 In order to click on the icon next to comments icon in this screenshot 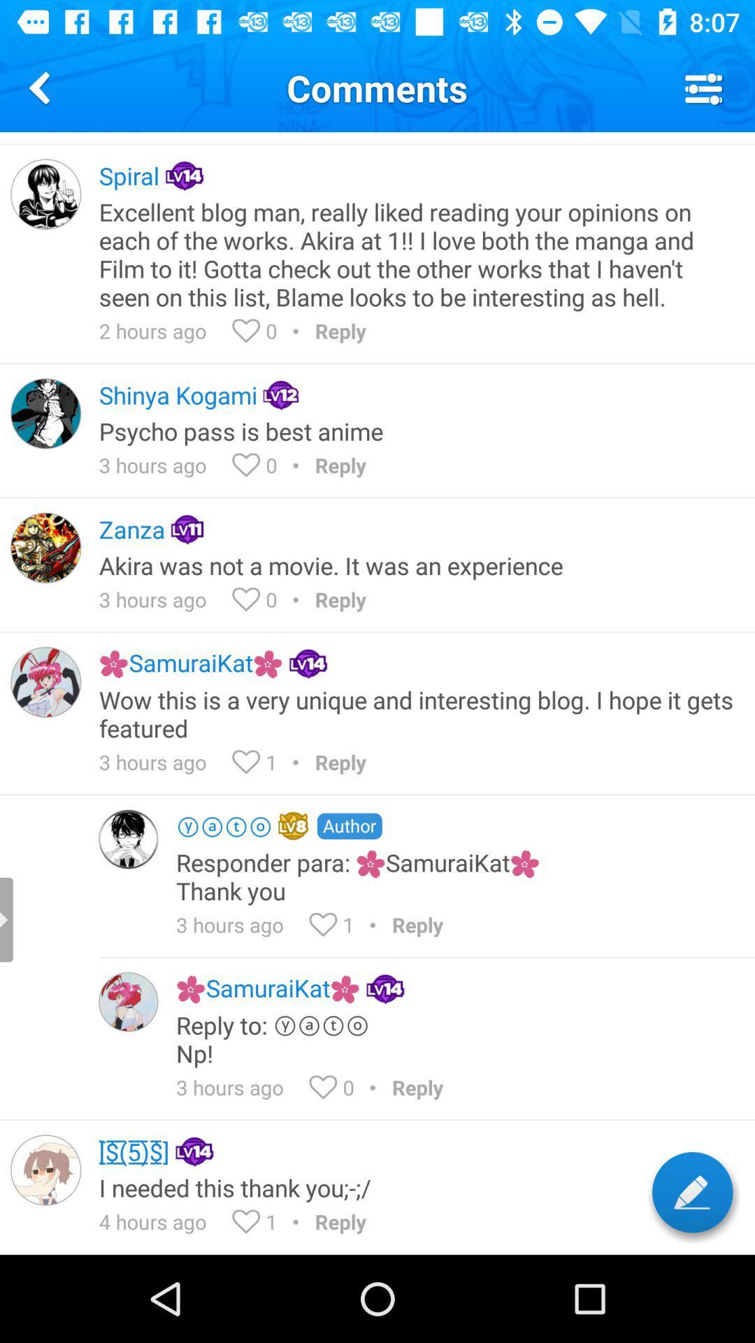, I will do `click(41, 87)`.